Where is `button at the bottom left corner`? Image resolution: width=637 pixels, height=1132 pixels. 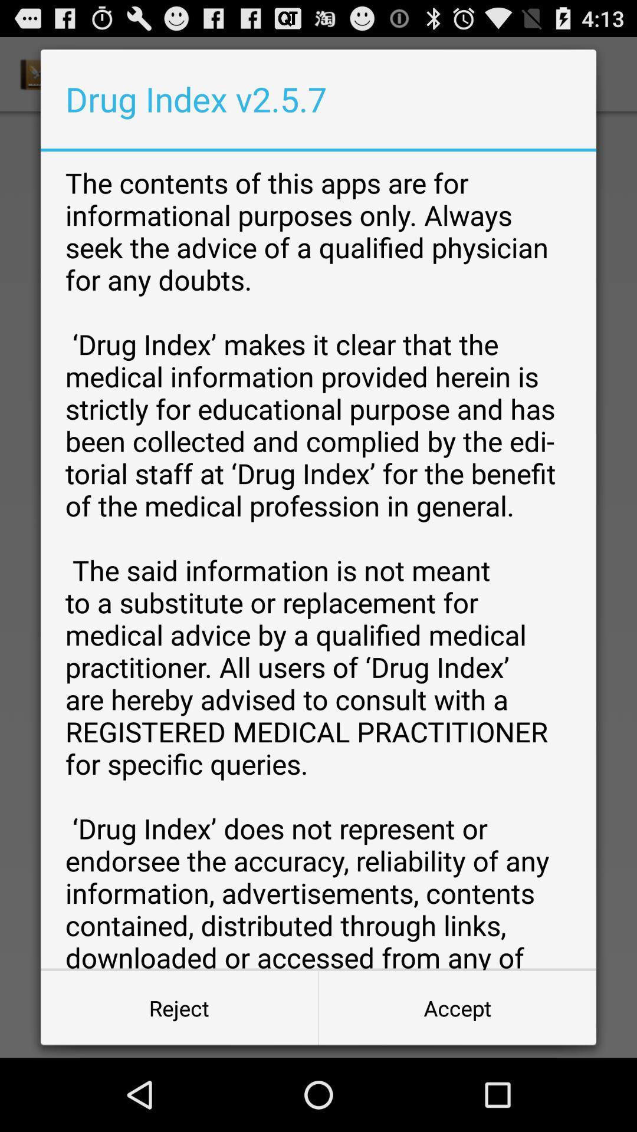
button at the bottom left corner is located at coordinates (179, 1007).